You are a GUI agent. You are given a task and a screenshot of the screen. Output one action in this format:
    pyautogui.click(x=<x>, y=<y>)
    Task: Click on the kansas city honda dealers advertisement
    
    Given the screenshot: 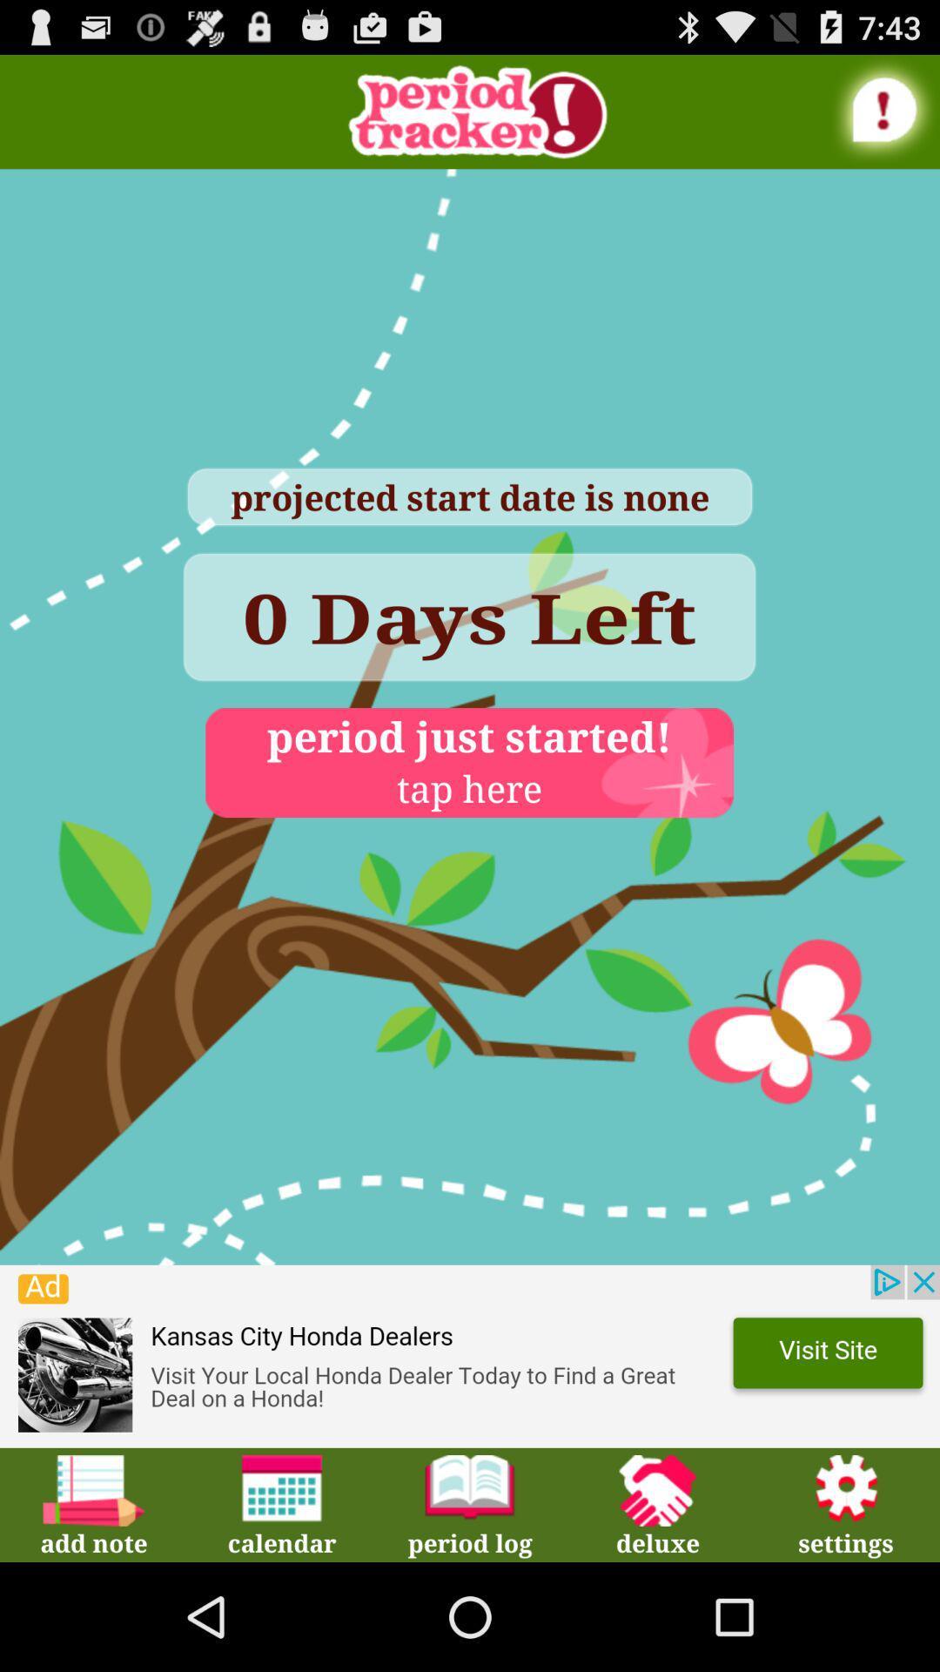 What is the action you would take?
    pyautogui.click(x=470, y=1355)
    